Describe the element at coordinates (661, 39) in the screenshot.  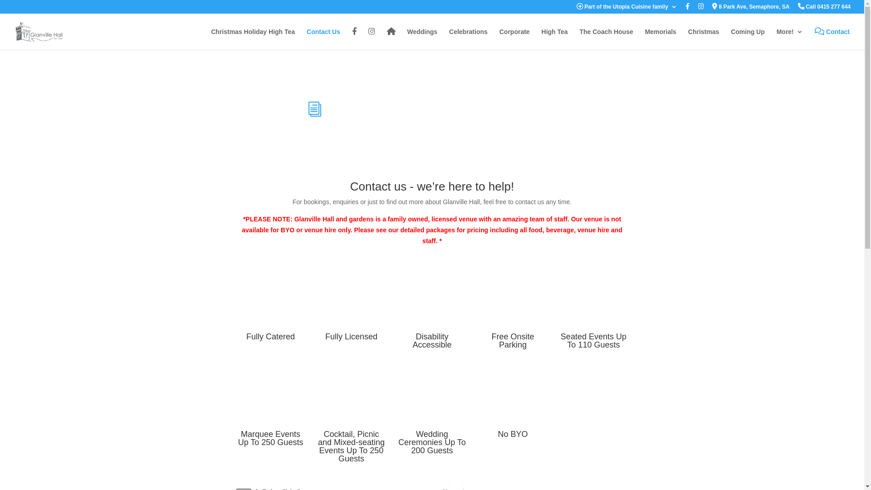
I see `'Memorials'` at that location.